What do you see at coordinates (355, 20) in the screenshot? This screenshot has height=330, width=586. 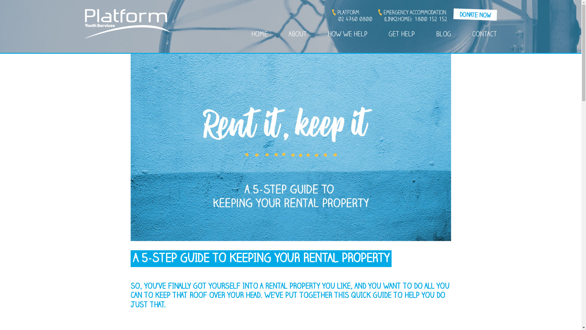 I see `'02 4760 0800'` at bounding box center [355, 20].